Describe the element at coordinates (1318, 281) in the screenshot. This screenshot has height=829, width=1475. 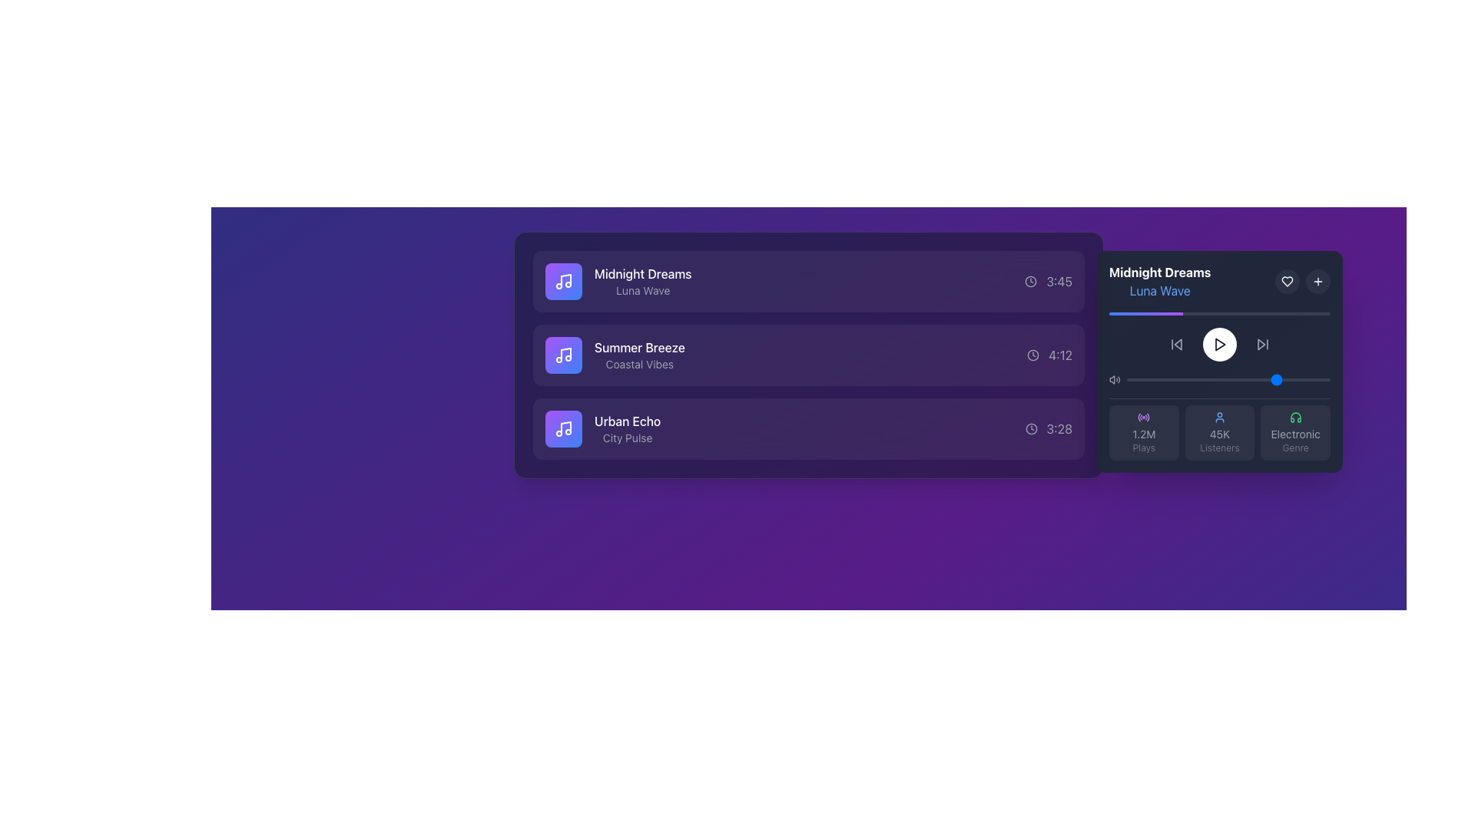
I see `the button located at the top right corner of the music player panel, adjacent to the heart button` at that location.